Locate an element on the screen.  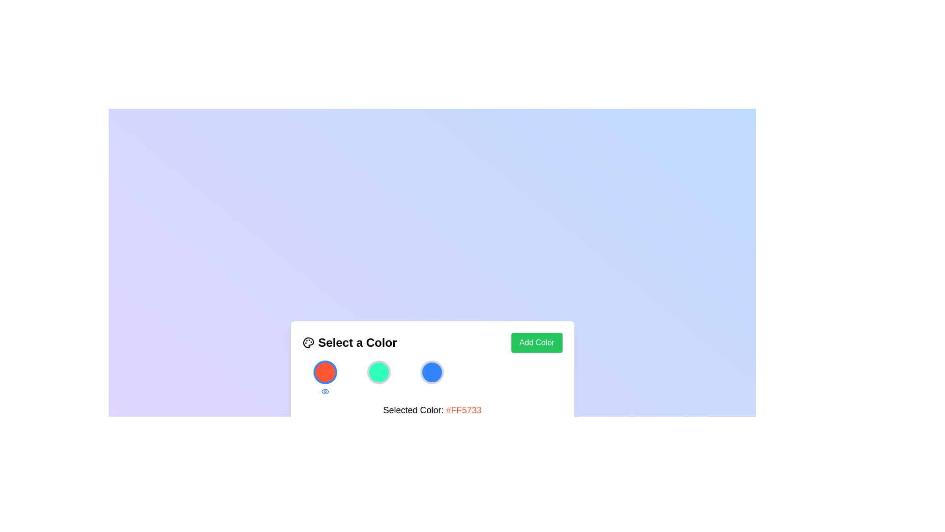
the first circular selectable button with an orange fill and blue border, located under the 'Select a Color' header is located at coordinates (325, 377).